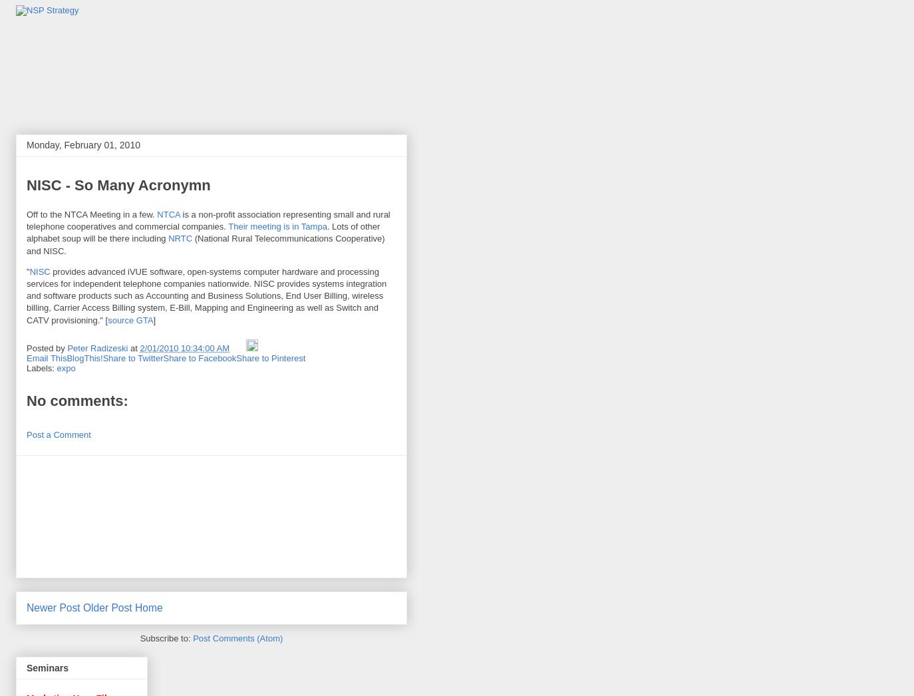 The height and width of the screenshot is (696, 914). What do you see at coordinates (66, 348) in the screenshot?
I see `'Peter Radizeski'` at bounding box center [66, 348].